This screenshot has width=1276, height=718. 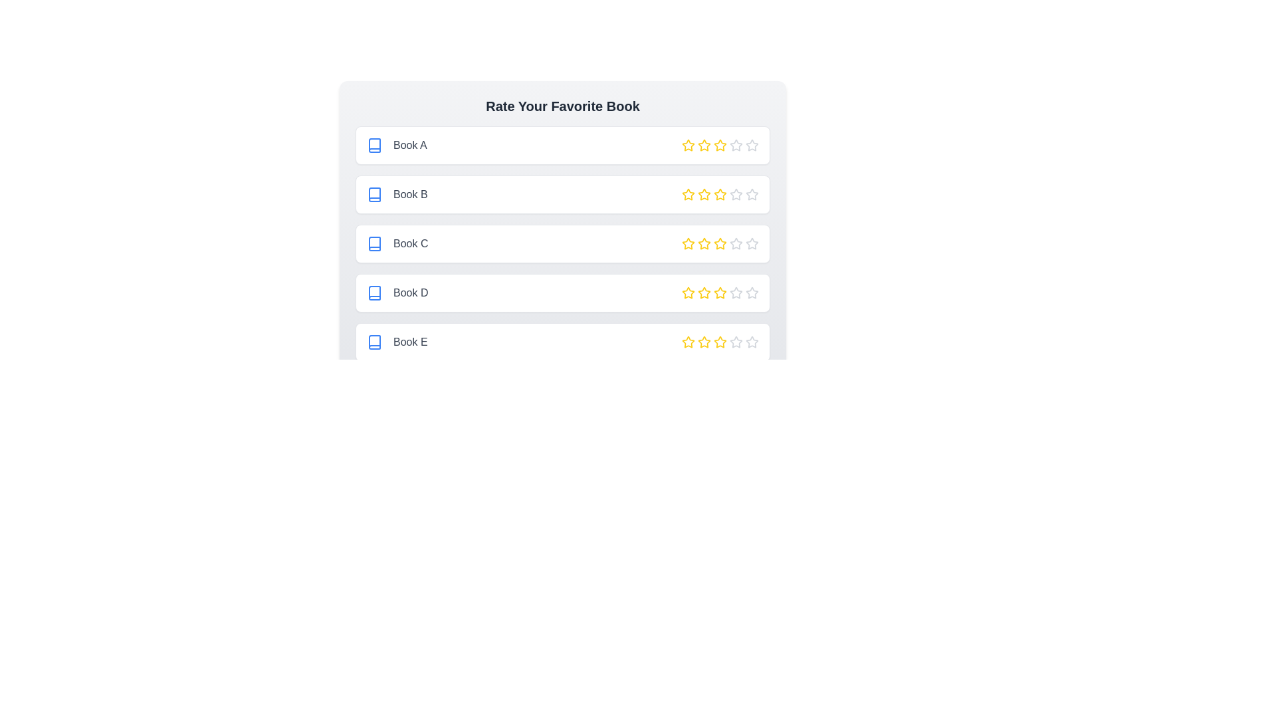 I want to click on the star corresponding to 2 stars for the book titled Book E, so click(x=704, y=342).